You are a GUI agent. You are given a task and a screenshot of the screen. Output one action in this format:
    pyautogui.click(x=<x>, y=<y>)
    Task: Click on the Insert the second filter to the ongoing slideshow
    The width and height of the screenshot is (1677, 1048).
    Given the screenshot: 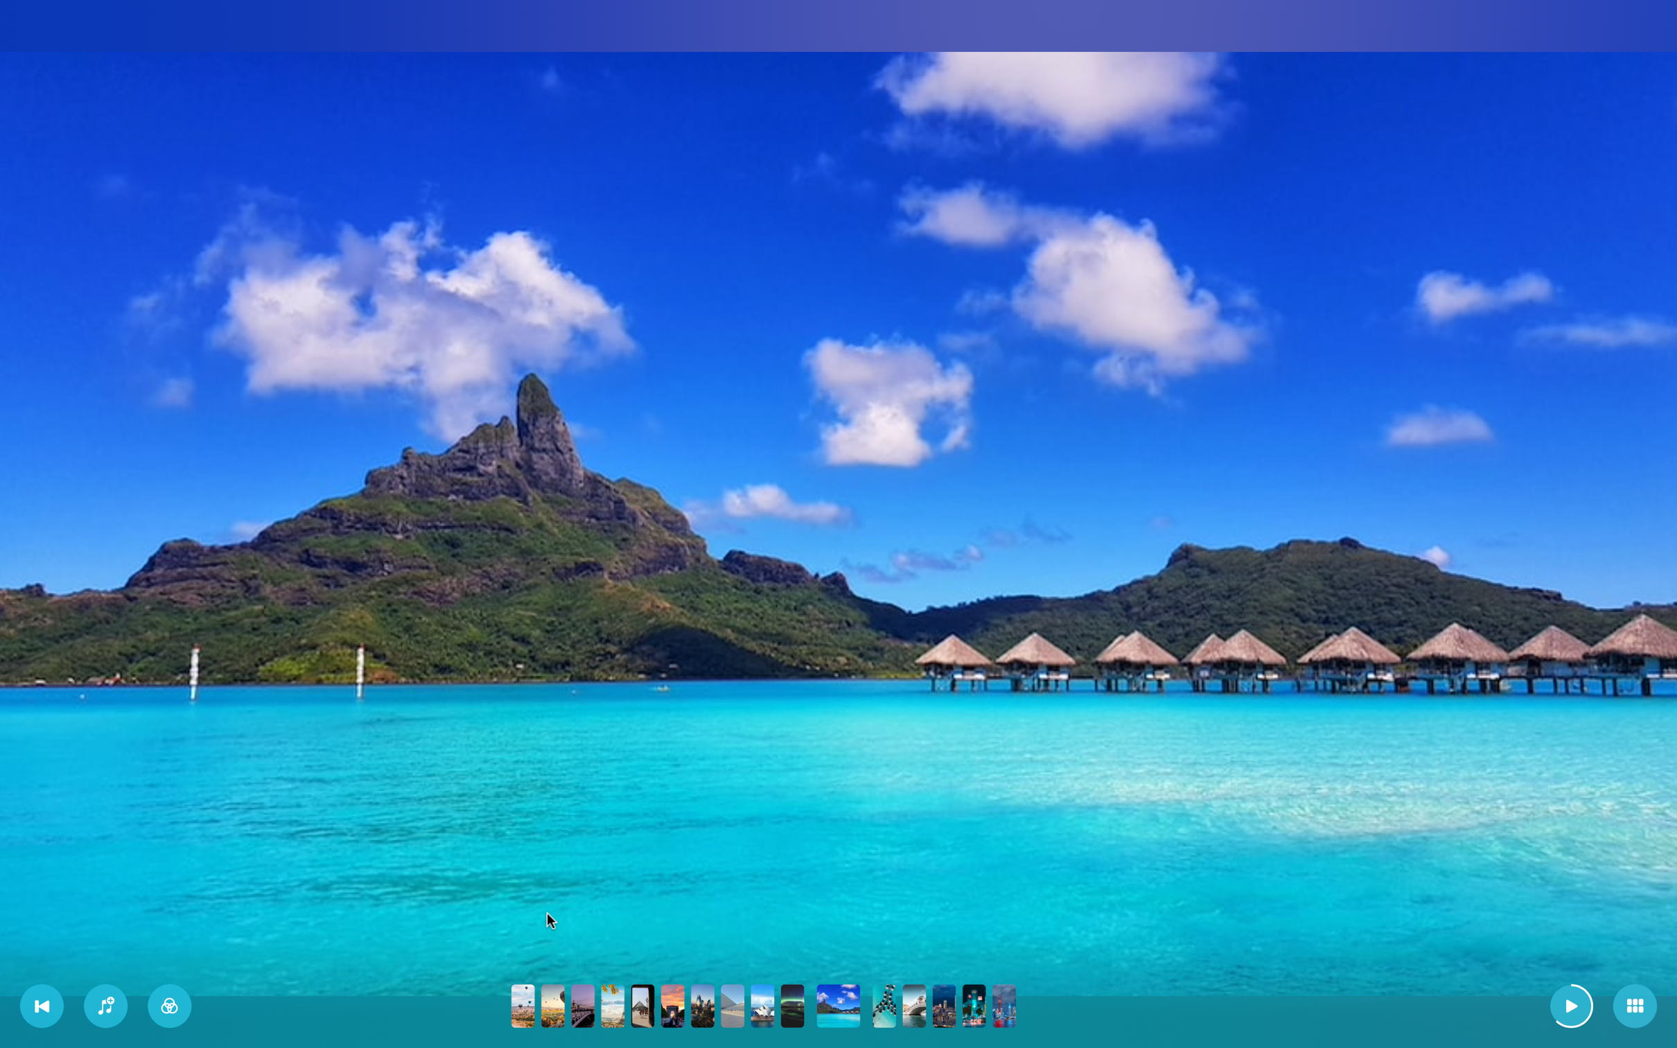 What is the action you would take?
    pyautogui.click(x=170, y=1005)
    